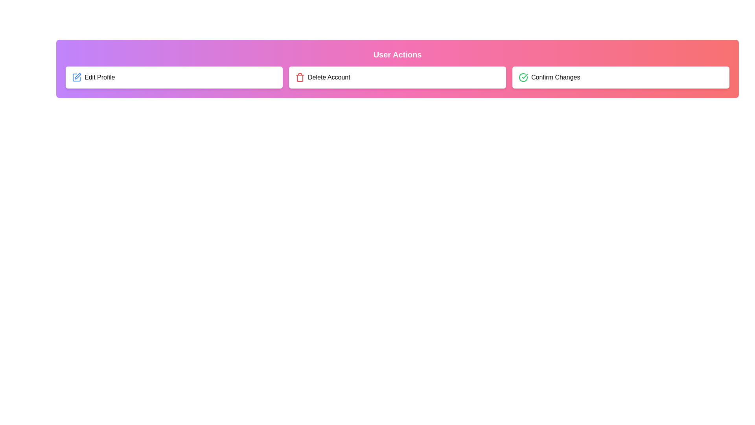 The height and width of the screenshot is (425, 755). Describe the element at coordinates (300, 77) in the screenshot. I see `the delete icon located in the 'Delete Account' card, positioned slightly towards the top and aligned to the left side of the card` at that location.